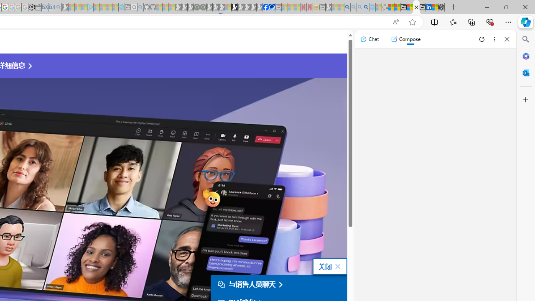 This screenshot has width=535, height=301. What do you see at coordinates (228, 7) in the screenshot?
I see `'Sign in to your account - Sleeping'` at bounding box center [228, 7].